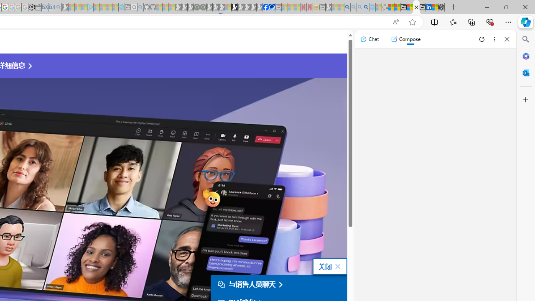 This screenshot has width=535, height=301. What do you see at coordinates (228, 7) in the screenshot?
I see `'Sign in to your account - Sleeping'` at bounding box center [228, 7].